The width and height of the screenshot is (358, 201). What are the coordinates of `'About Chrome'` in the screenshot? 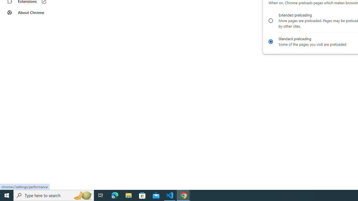 It's located at (34, 13).